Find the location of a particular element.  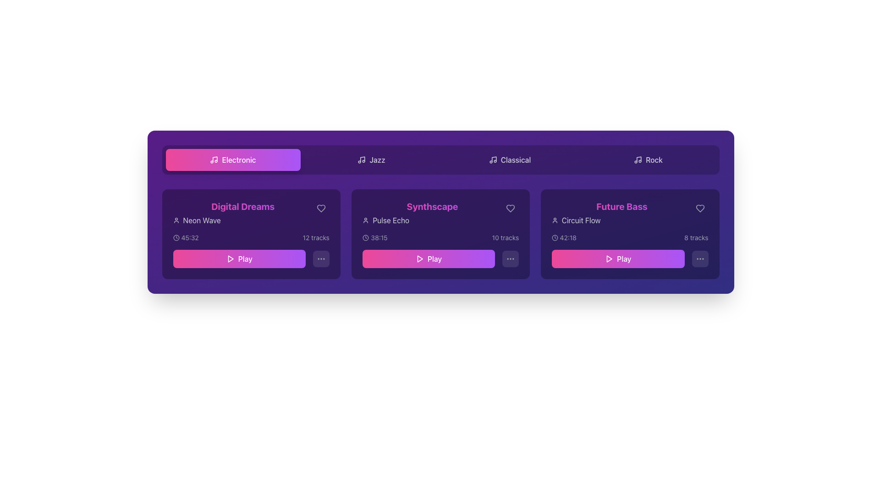

the 'Electronic' category label, which is the first label in the horizontal navigation bar styled with a gradient background and white text is located at coordinates (239, 159).